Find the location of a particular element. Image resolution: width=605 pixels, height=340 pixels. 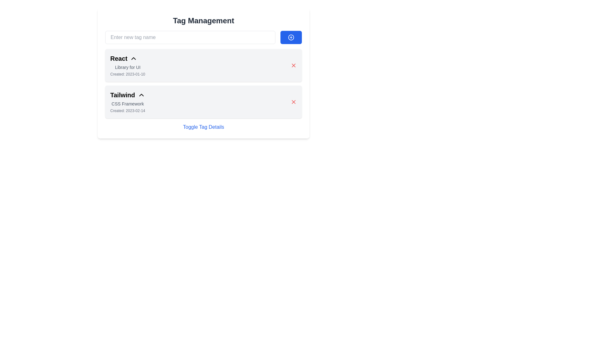

the static text displaying the creation date of the 'Tailwind' entry, located below the 'CSS Framework' label within its item group is located at coordinates (127, 110).